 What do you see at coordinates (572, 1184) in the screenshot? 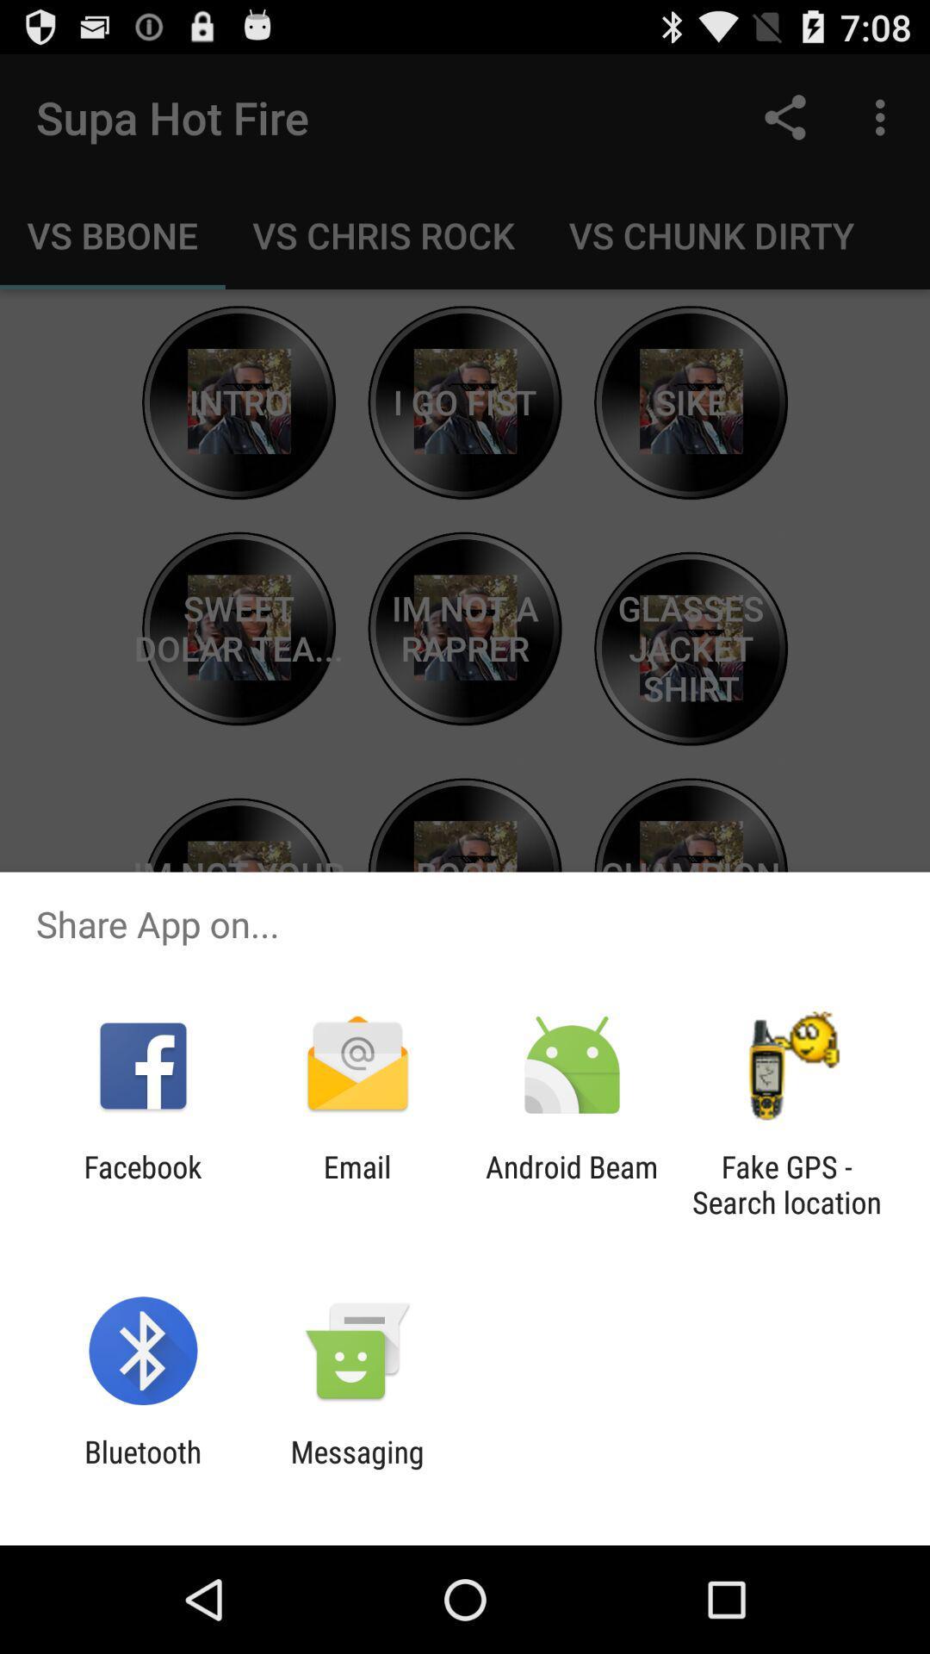
I see `app to the right of email` at bounding box center [572, 1184].